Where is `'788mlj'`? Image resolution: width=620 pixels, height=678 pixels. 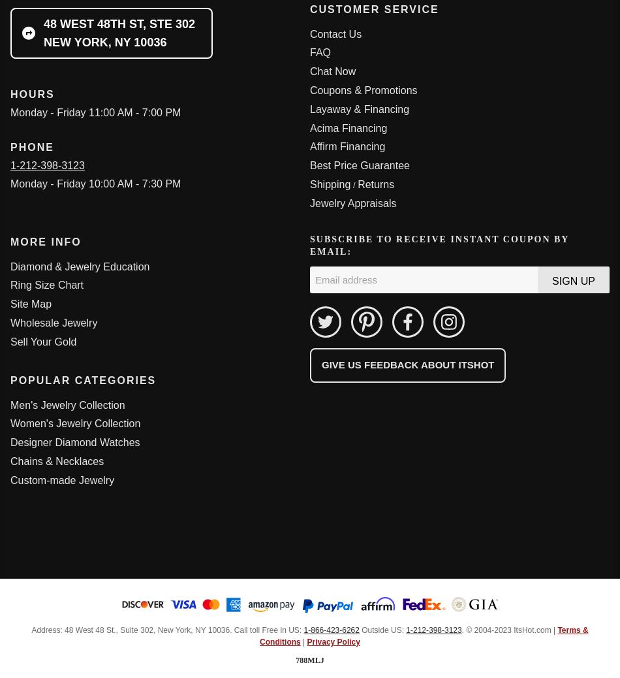 '788mlj' is located at coordinates (309, 659).